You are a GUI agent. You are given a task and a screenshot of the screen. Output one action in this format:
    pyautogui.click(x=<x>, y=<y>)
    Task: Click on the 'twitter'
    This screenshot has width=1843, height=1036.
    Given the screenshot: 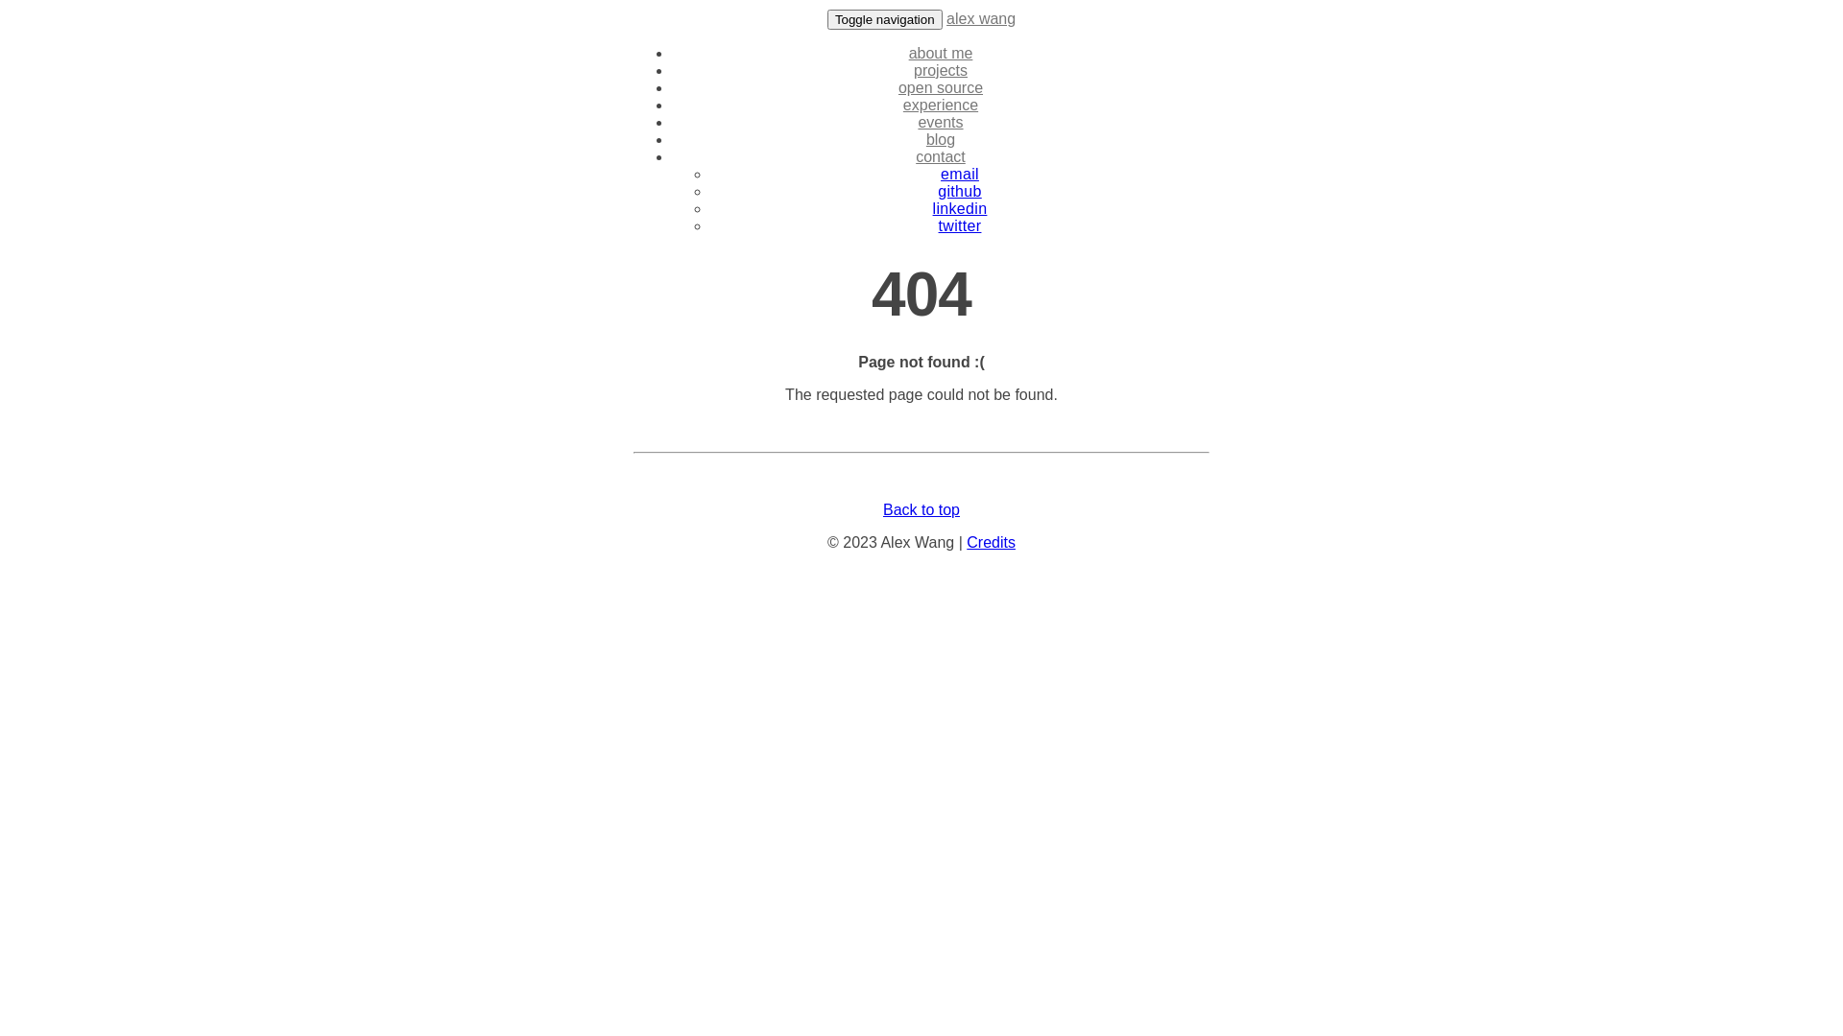 What is the action you would take?
    pyautogui.click(x=960, y=224)
    